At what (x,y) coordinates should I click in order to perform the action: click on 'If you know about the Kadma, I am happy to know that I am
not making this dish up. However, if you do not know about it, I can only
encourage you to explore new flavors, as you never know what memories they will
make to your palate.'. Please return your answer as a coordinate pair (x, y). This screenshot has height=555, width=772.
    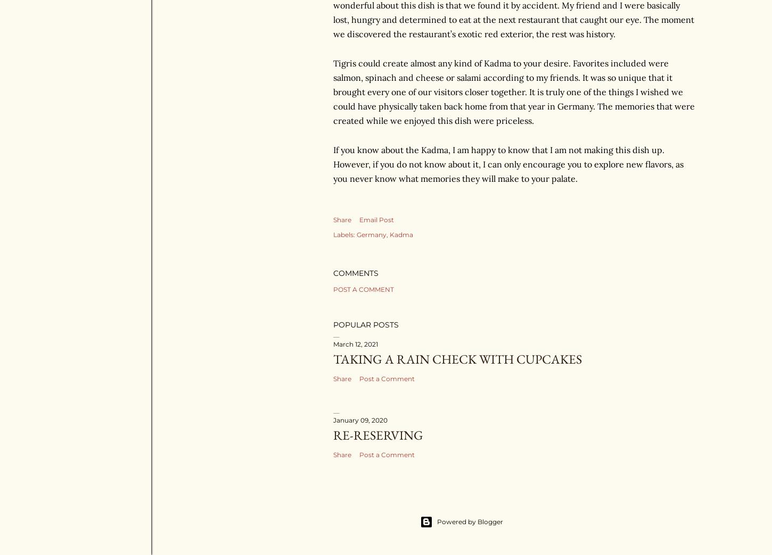
    Looking at the image, I should click on (507, 163).